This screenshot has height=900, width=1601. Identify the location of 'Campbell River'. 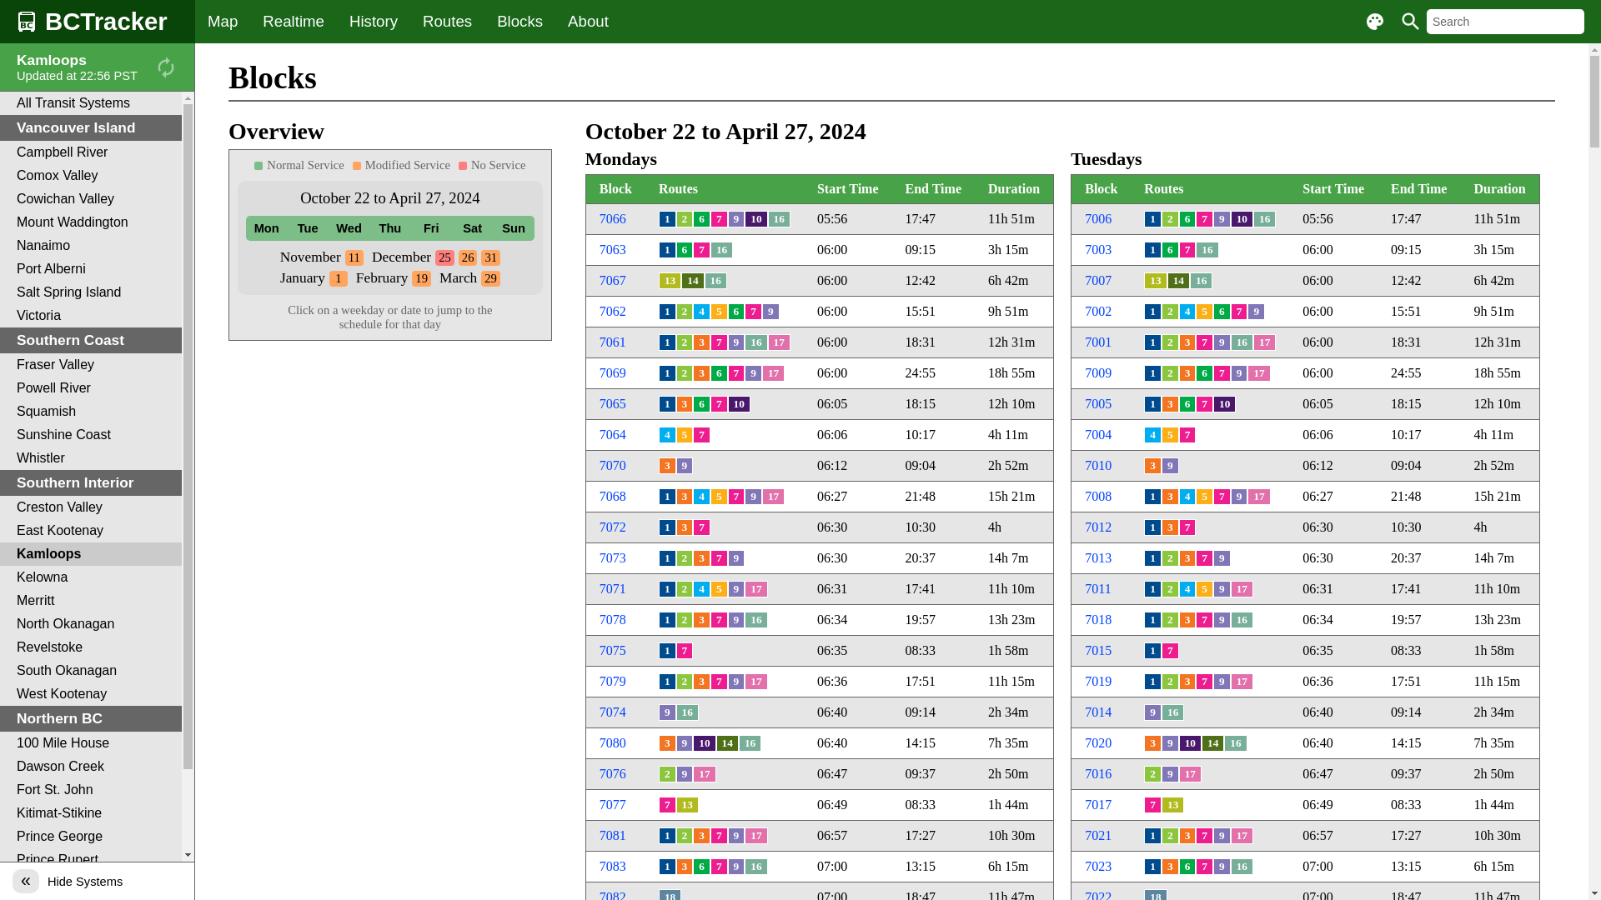
(0, 152).